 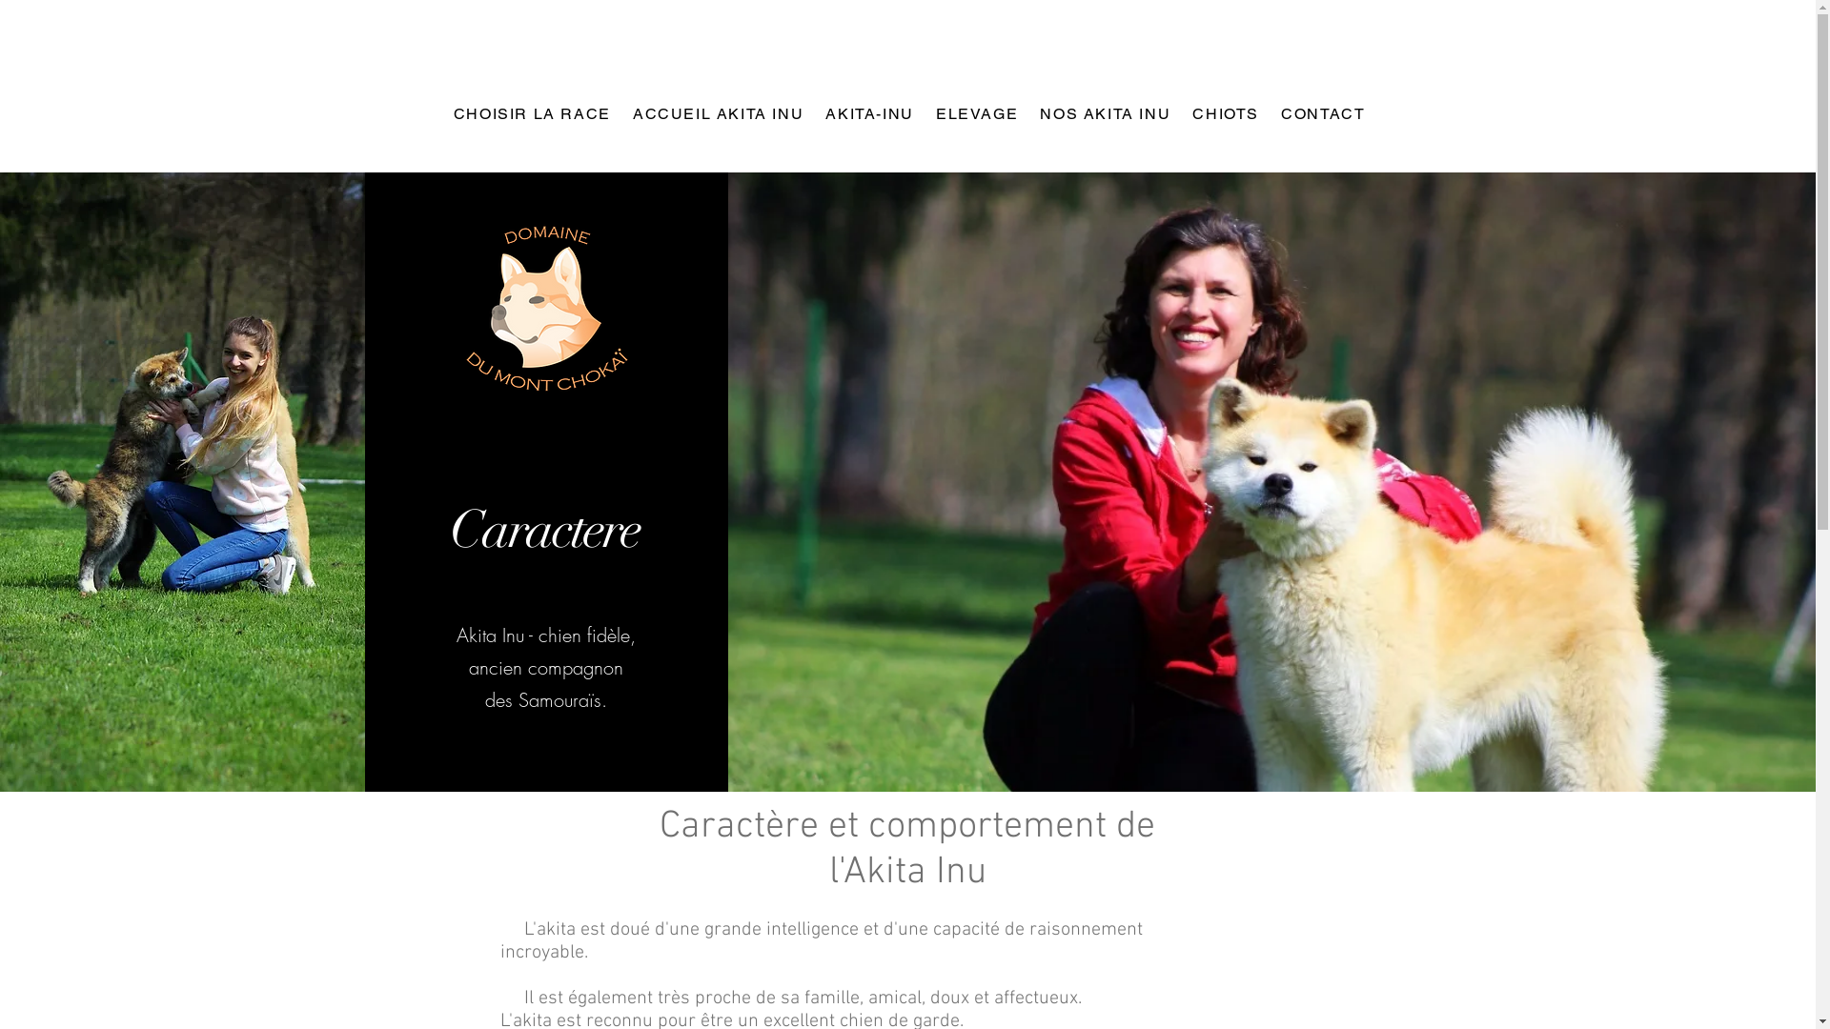 I want to click on 'CHIOTS', so click(x=1224, y=114).